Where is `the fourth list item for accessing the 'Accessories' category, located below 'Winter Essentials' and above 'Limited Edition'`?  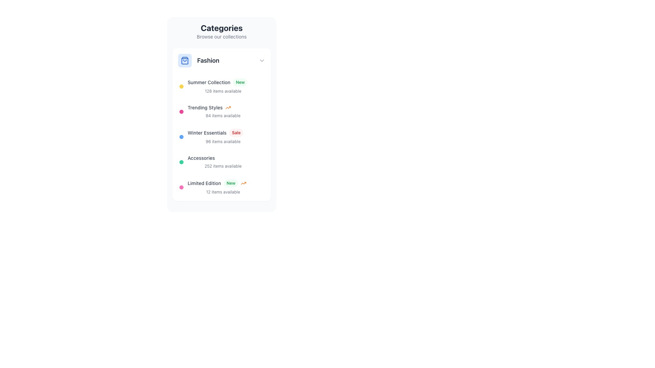 the fourth list item for accessing the 'Accessories' category, located below 'Winter Essentials' and above 'Limited Edition' is located at coordinates (221, 162).